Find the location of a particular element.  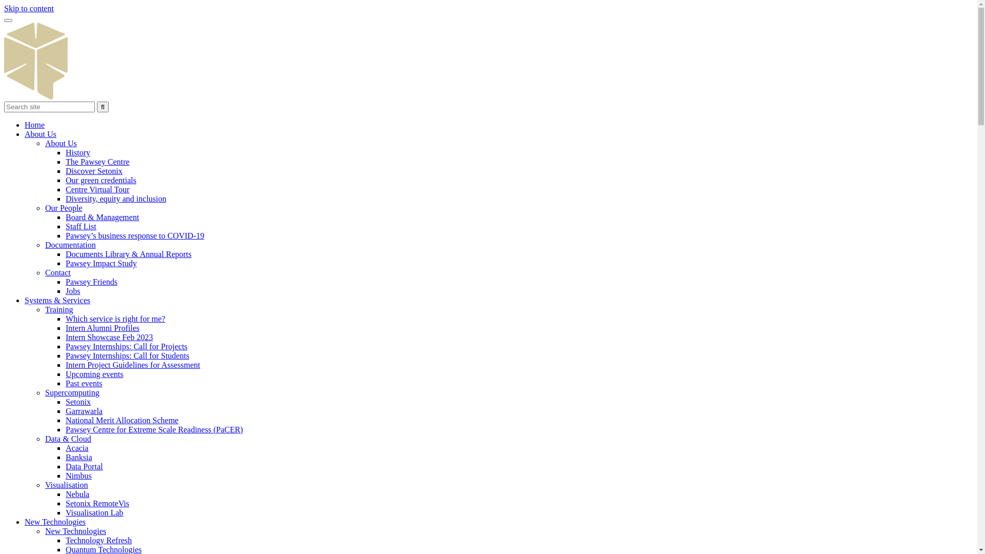

'Discover Setonix' is located at coordinates (94, 170).